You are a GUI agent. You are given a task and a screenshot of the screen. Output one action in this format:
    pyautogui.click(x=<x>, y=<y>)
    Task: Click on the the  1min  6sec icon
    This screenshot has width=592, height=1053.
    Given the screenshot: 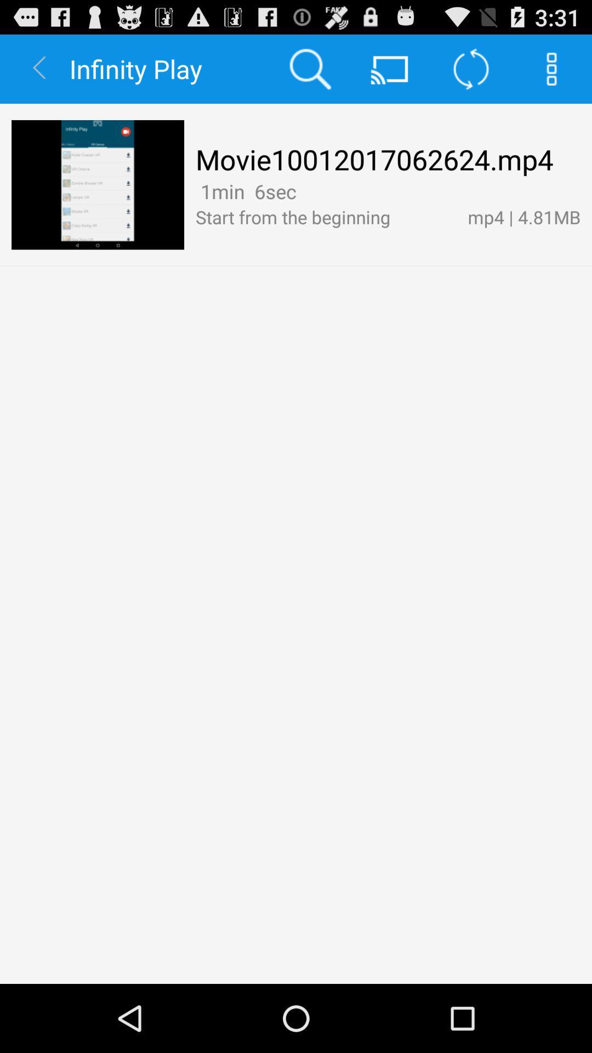 What is the action you would take?
    pyautogui.click(x=245, y=191)
    